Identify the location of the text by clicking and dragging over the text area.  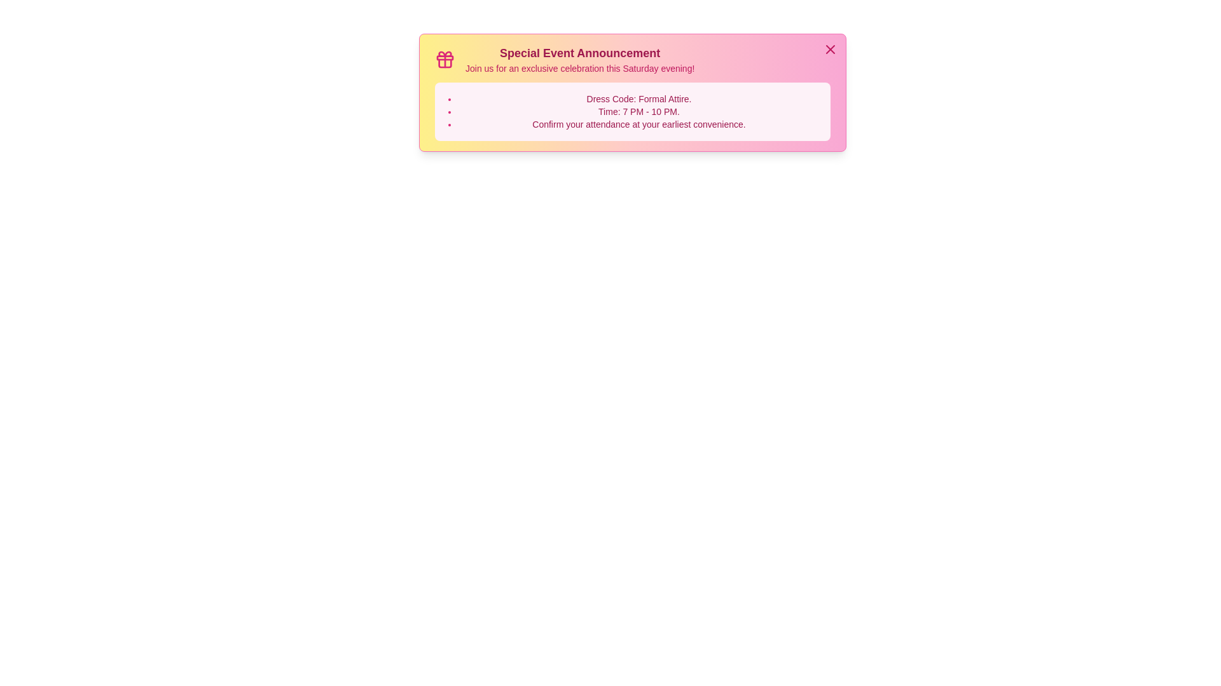
(435, 43).